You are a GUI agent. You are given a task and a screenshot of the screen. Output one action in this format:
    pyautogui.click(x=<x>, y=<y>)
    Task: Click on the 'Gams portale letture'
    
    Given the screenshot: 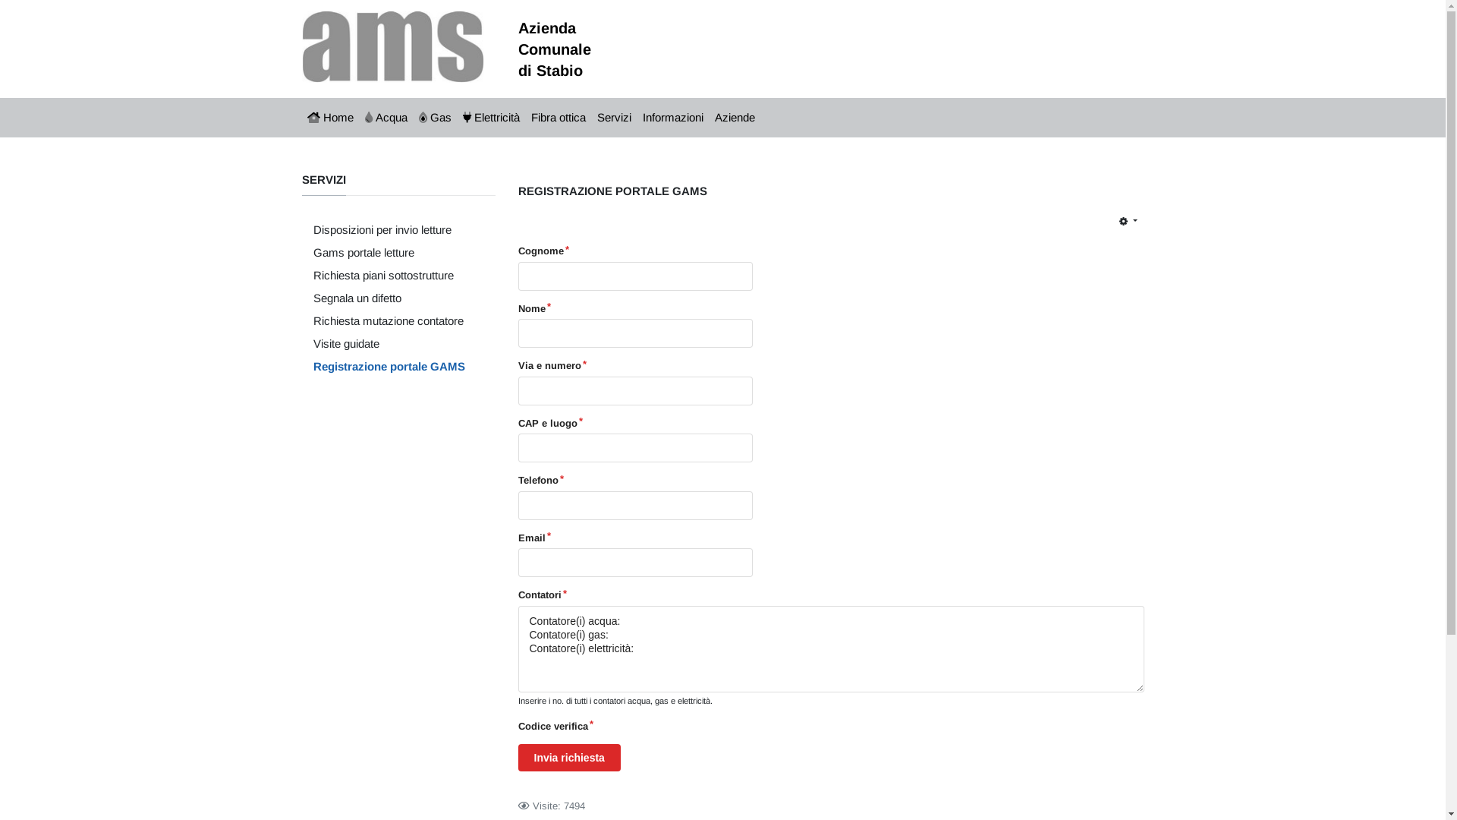 What is the action you would take?
    pyautogui.click(x=389, y=251)
    